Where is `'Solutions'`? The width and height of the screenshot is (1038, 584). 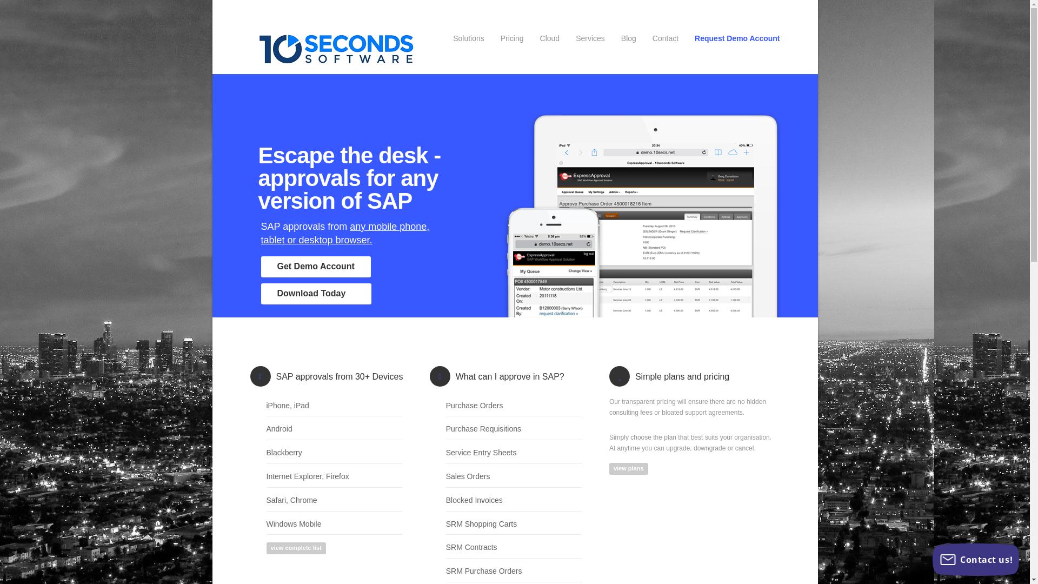
'Solutions' is located at coordinates (469, 39).